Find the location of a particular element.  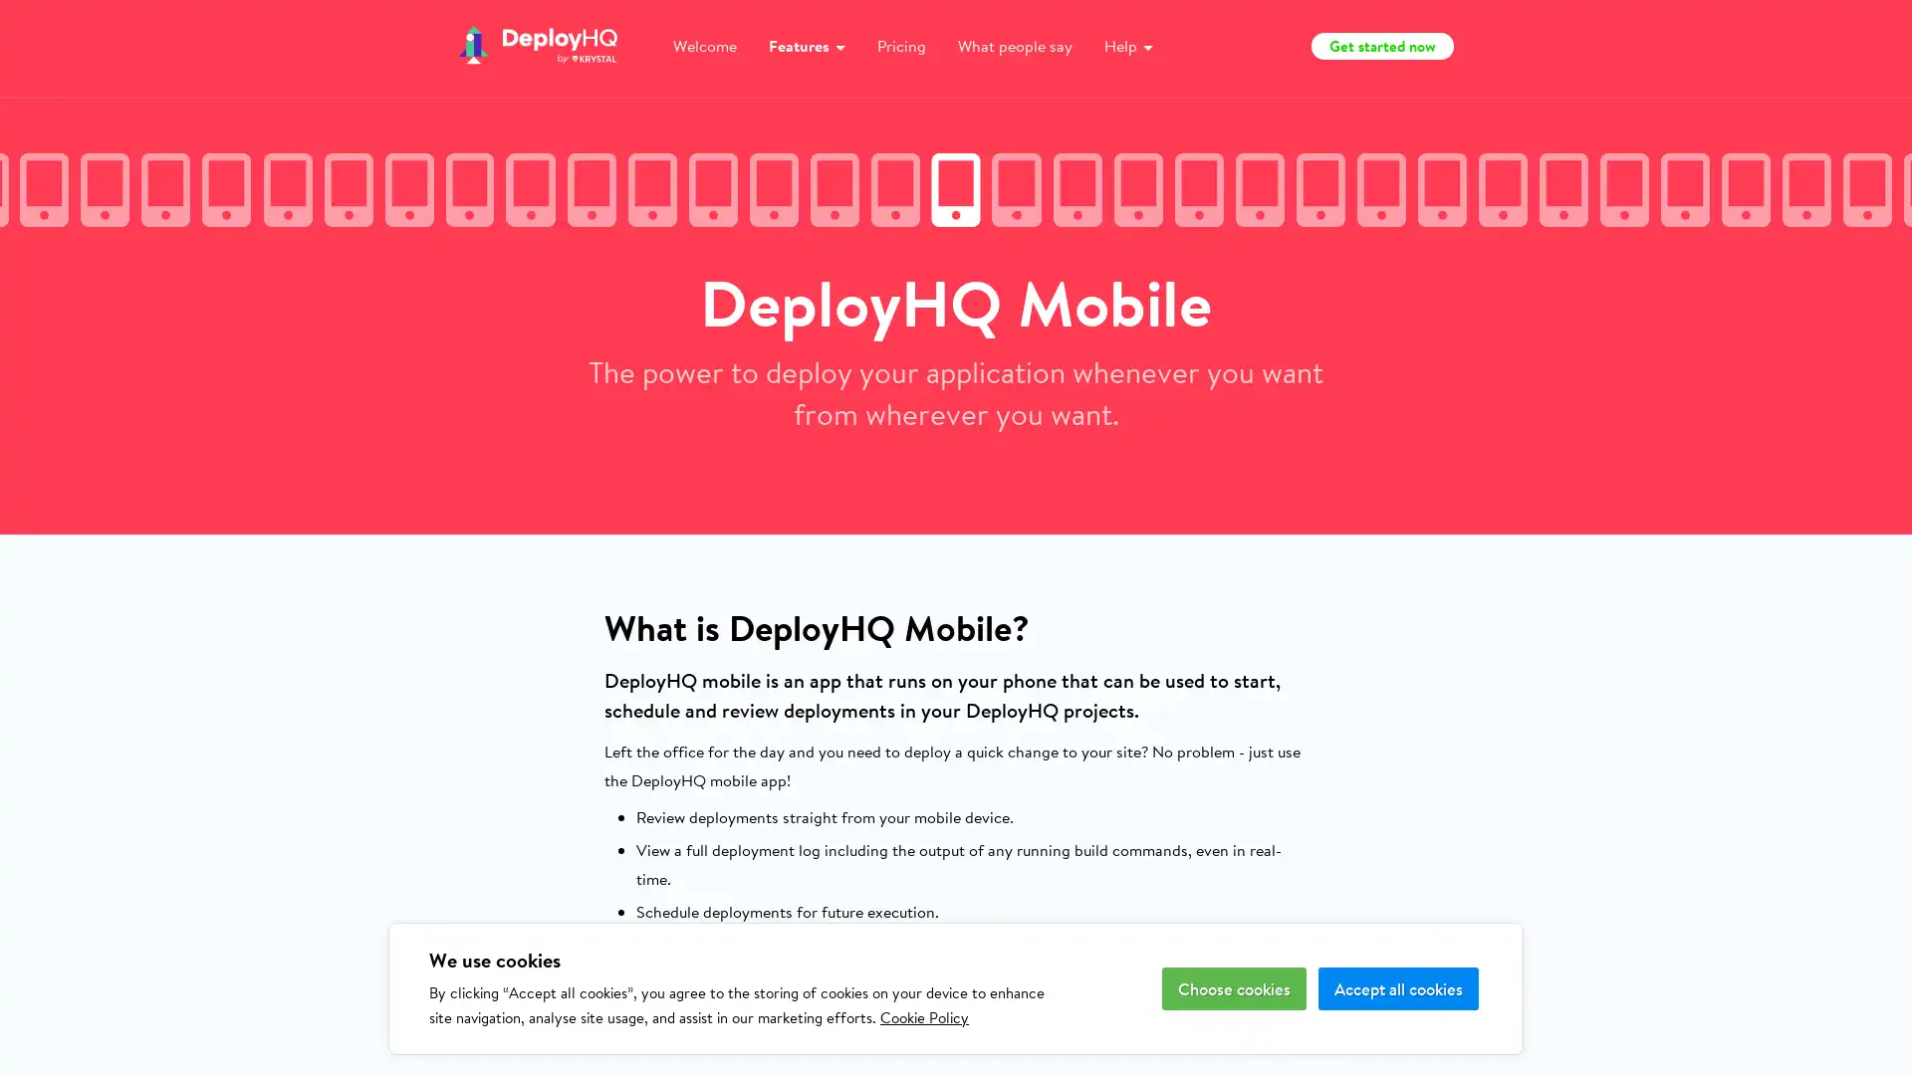

Accept all cookies is located at coordinates (1397, 988).